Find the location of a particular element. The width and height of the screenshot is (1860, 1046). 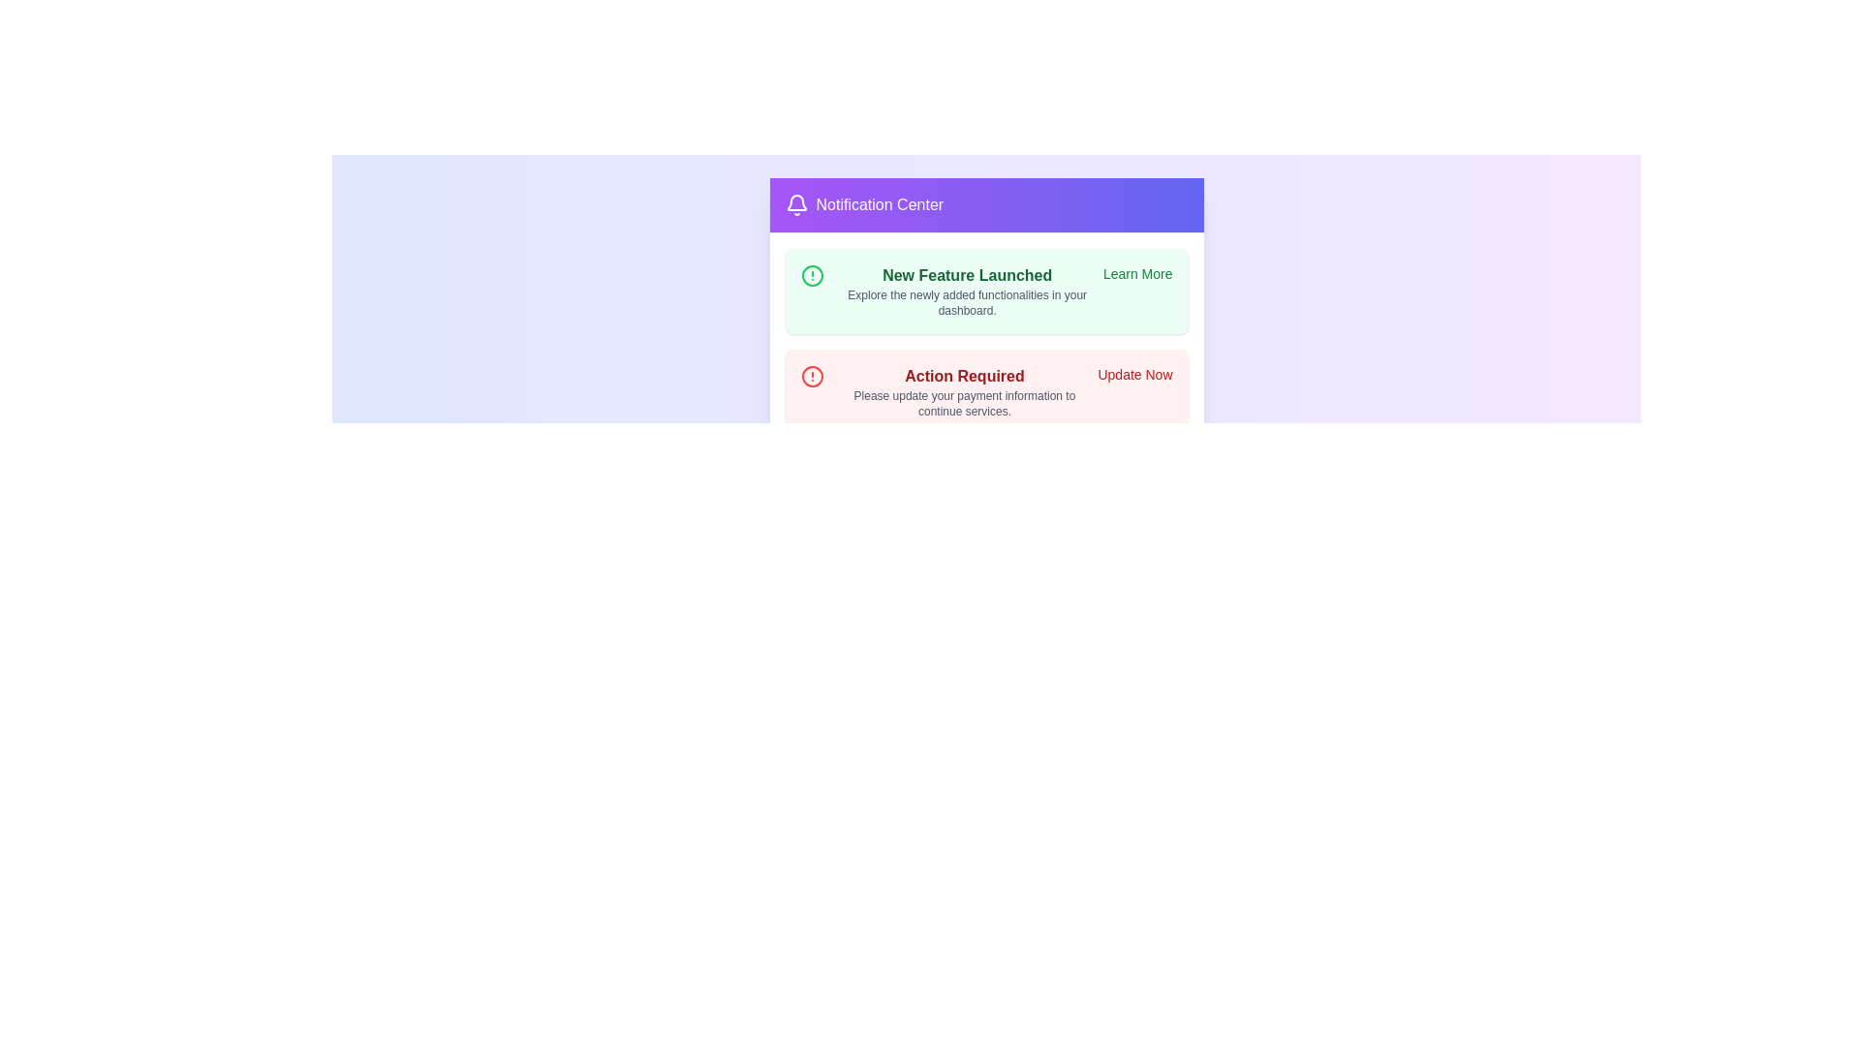

the notification bell icon located in the top-left corner of the notification header area within the colored banner labeled 'Notification Center' is located at coordinates (796, 202).